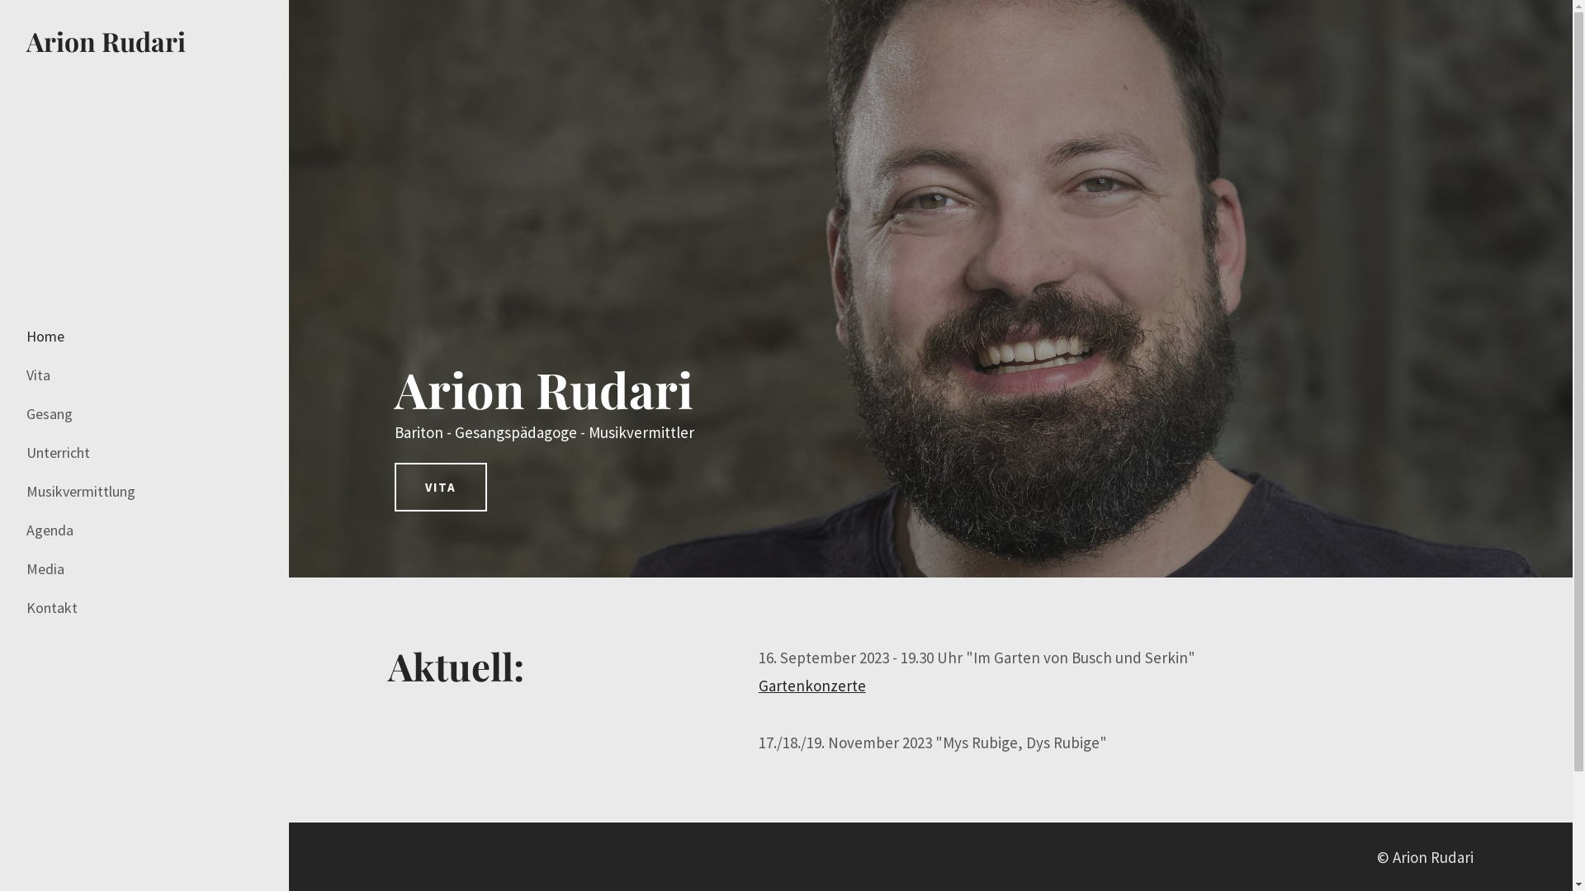  Describe the element at coordinates (45, 336) in the screenshot. I see `'Home'` at that location.